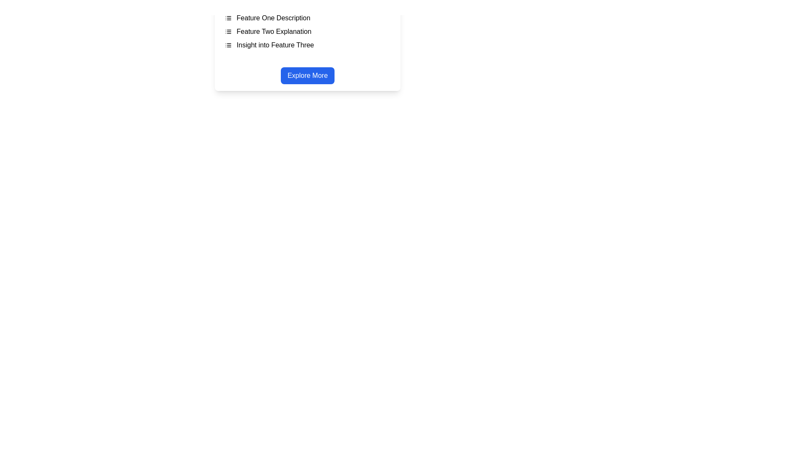 This screenshot has height=457, width=812. Describe the element at coordinates (307, 45) in the screenshot. I see `the text label 'Insight into Feature Three' with the accompanying bulleted list icon to possibly reveal additional details` at that location.